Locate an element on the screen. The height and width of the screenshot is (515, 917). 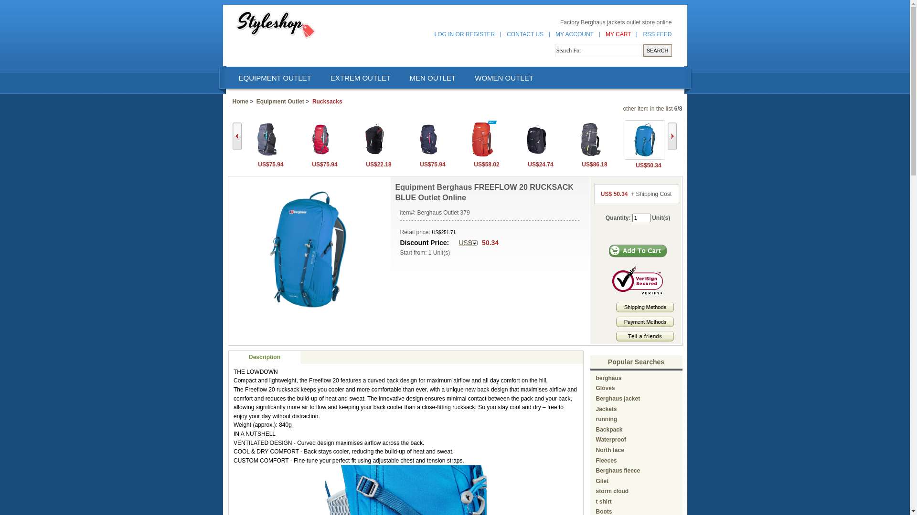
'Gloves' is located at coordinates (605, 388).